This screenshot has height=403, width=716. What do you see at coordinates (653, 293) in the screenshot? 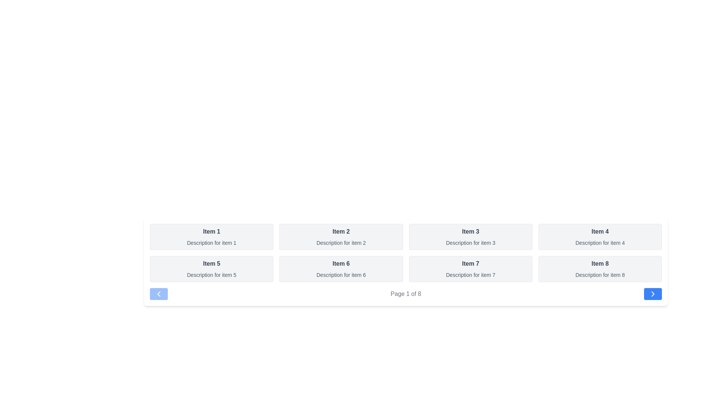
I see `the pagination control button located at the right-most position of the horizontal group, adjacent to the 'Page 1 of 8' text` at bounding box center [653, 293].